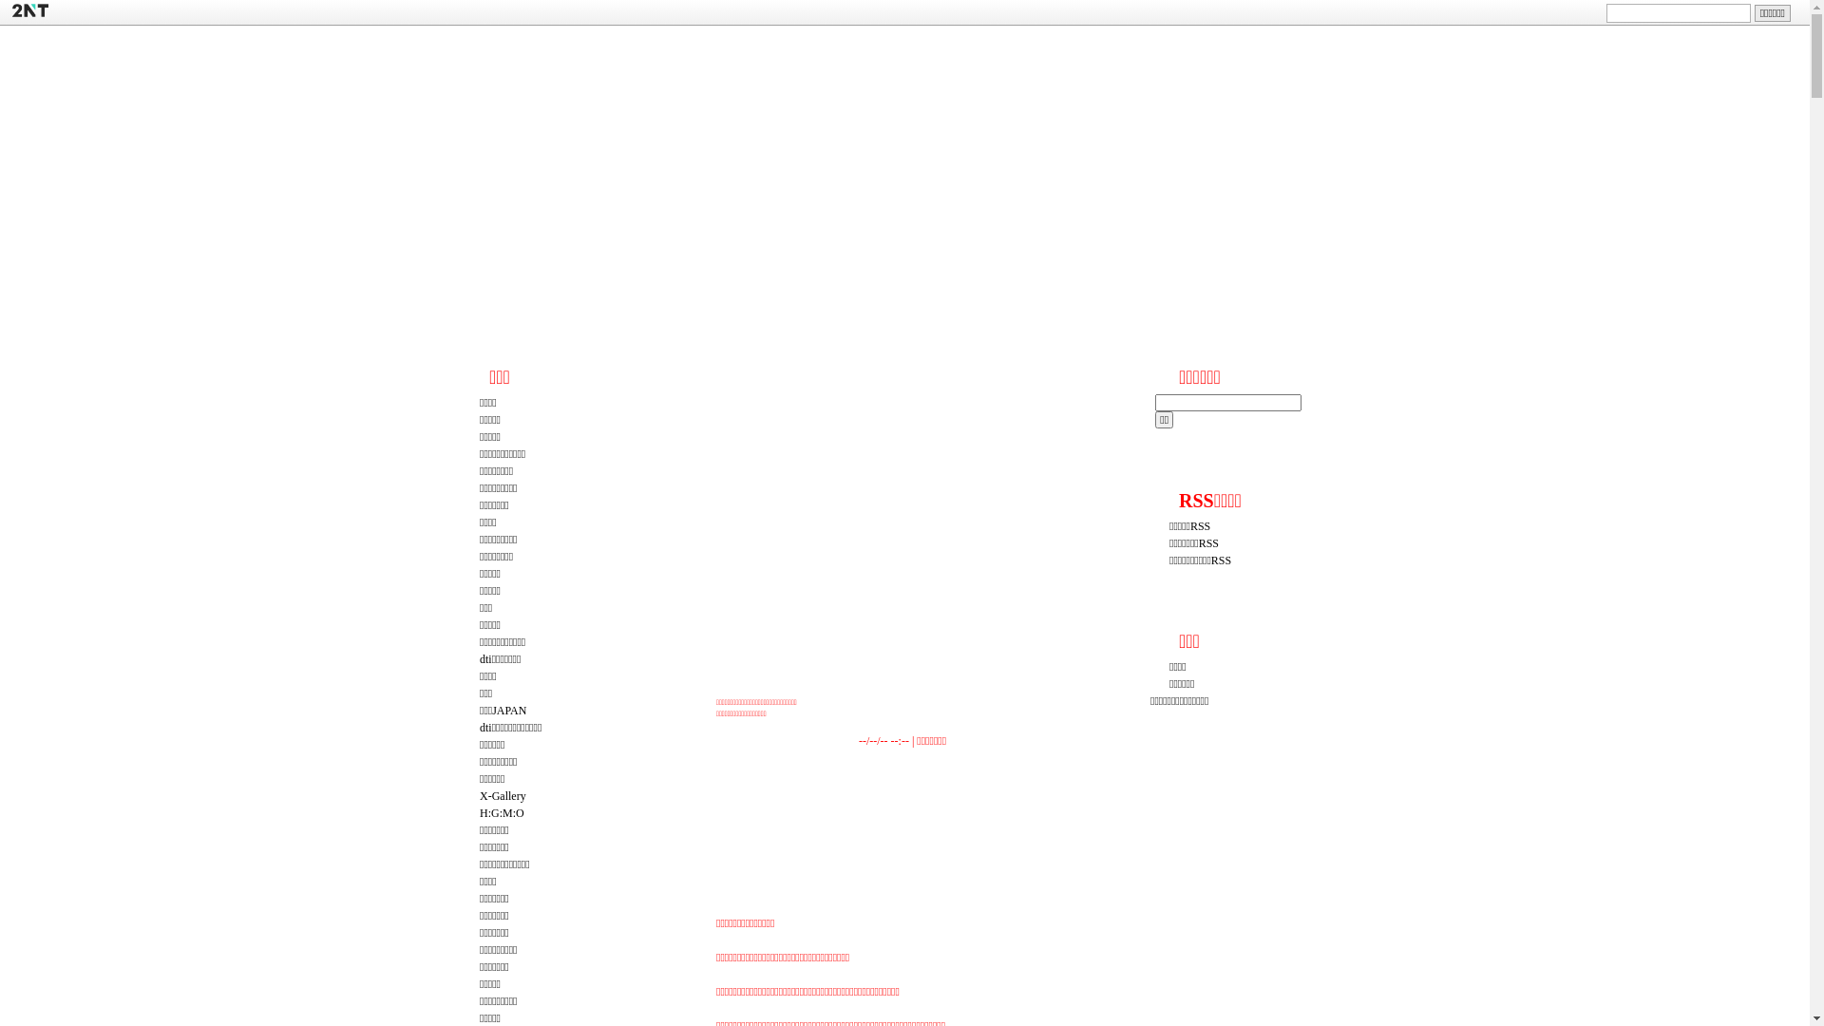 Image resolution: width=1824 pixels, height=1026 pixels. I want to click on 'H:G:M:O', so click(502, 812).